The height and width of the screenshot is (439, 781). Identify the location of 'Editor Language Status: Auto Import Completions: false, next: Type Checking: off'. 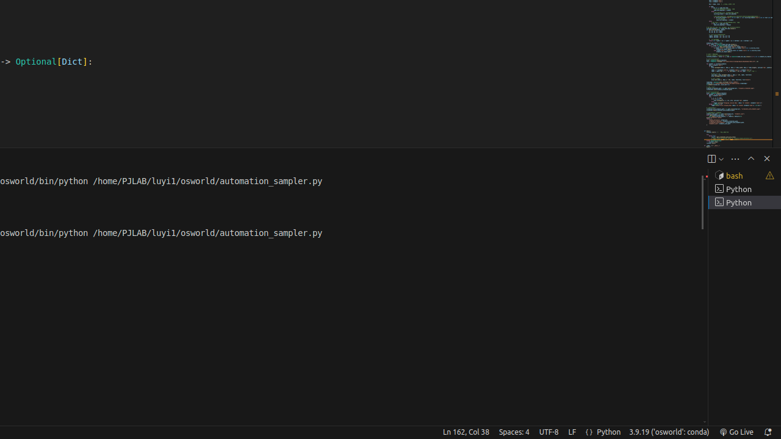
(589, 431).